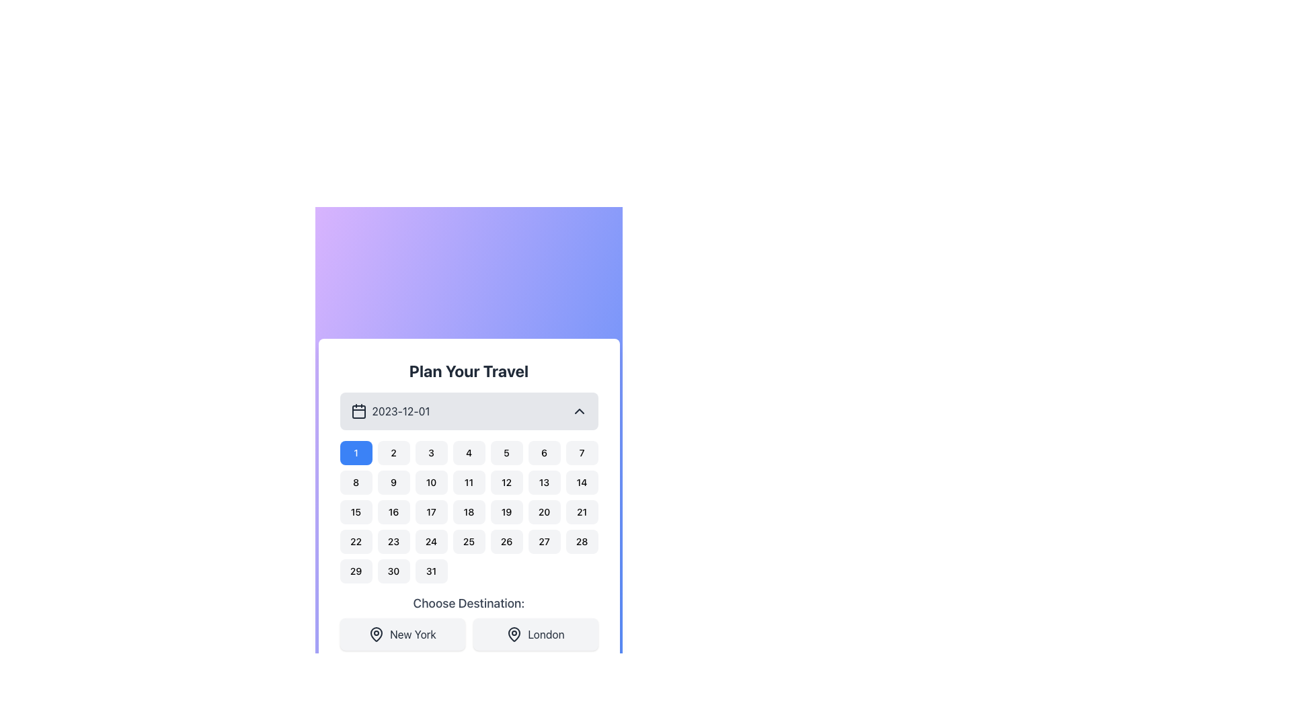 This screenshot has height=726, width=1291. I want to click on the rounded rectangular button displaying the number '2' in the calendar layout, so click(393, 453).